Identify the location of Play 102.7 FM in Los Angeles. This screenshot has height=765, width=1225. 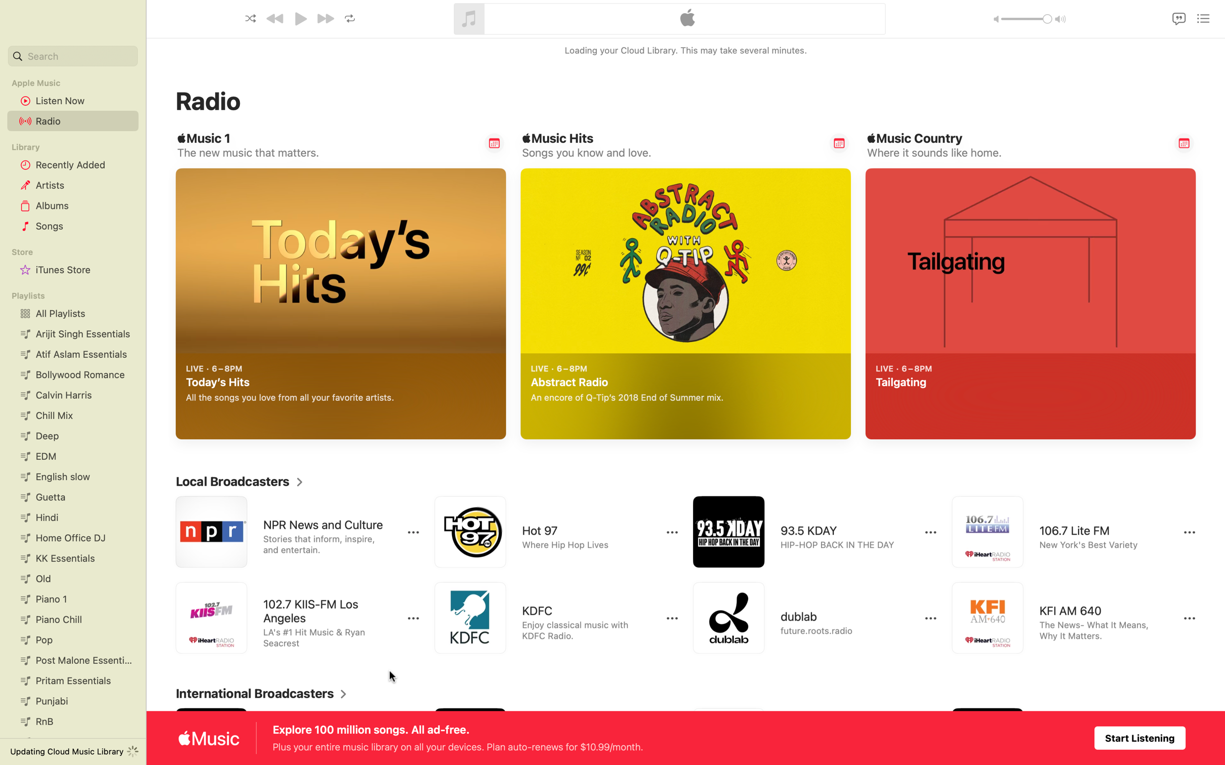
(287, 619).